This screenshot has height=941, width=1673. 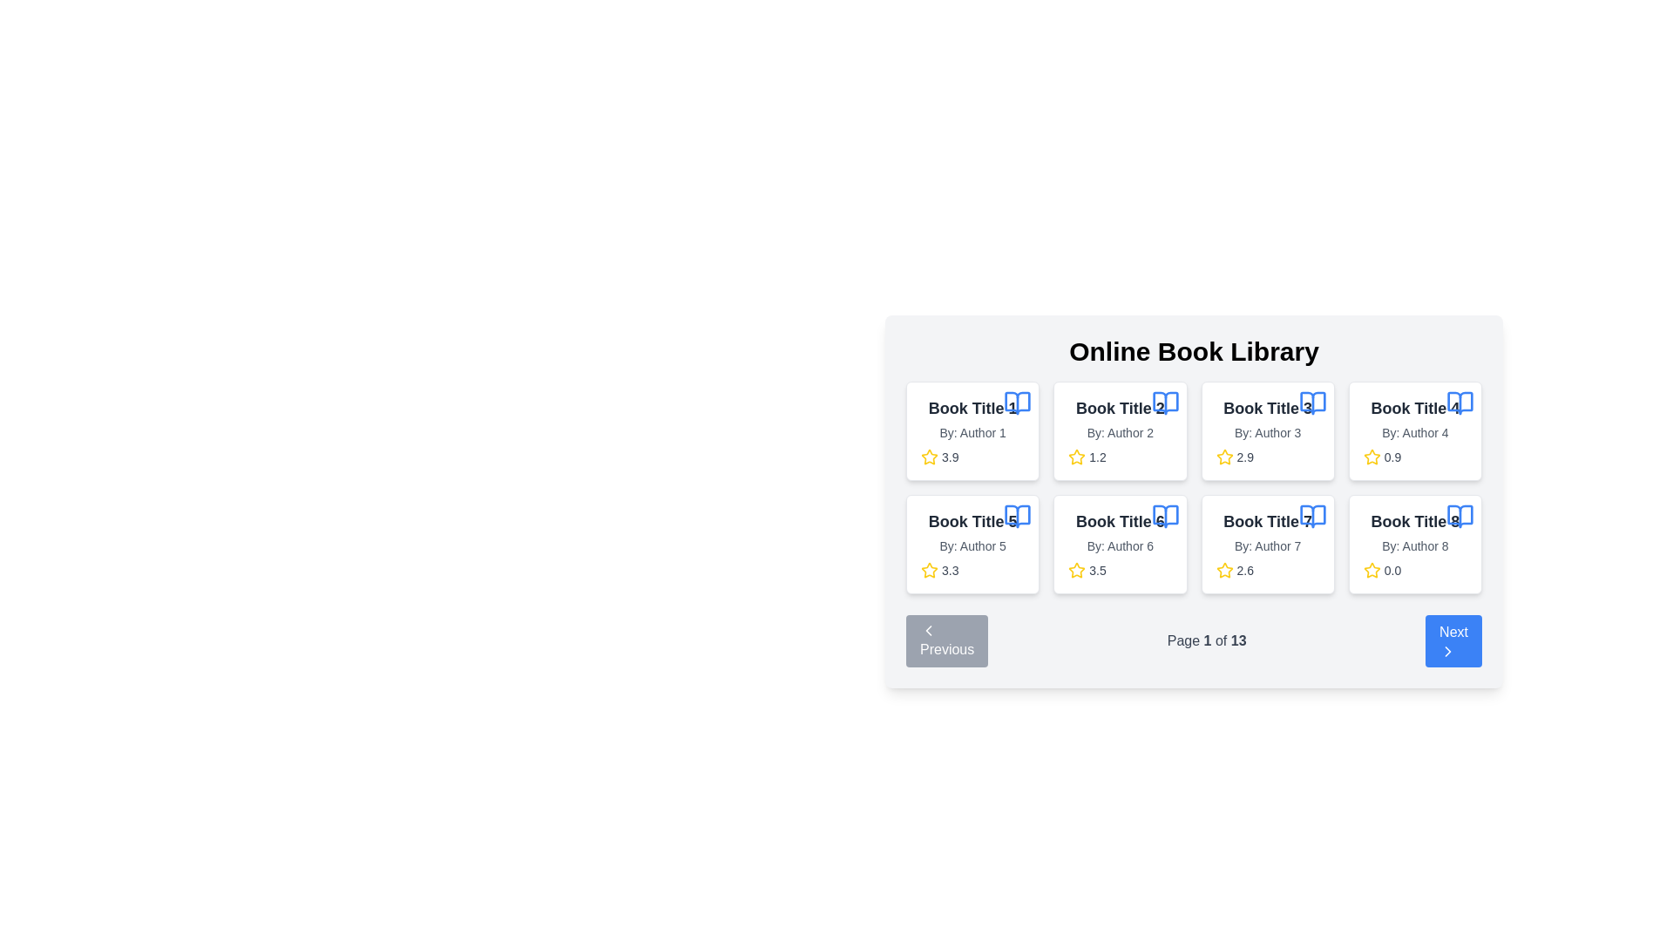 I want to click on the text displaying '0.0' in gray color, which is located next to a yellow star icon on the eighth book card in the grid, so click(x=1392, y=571).